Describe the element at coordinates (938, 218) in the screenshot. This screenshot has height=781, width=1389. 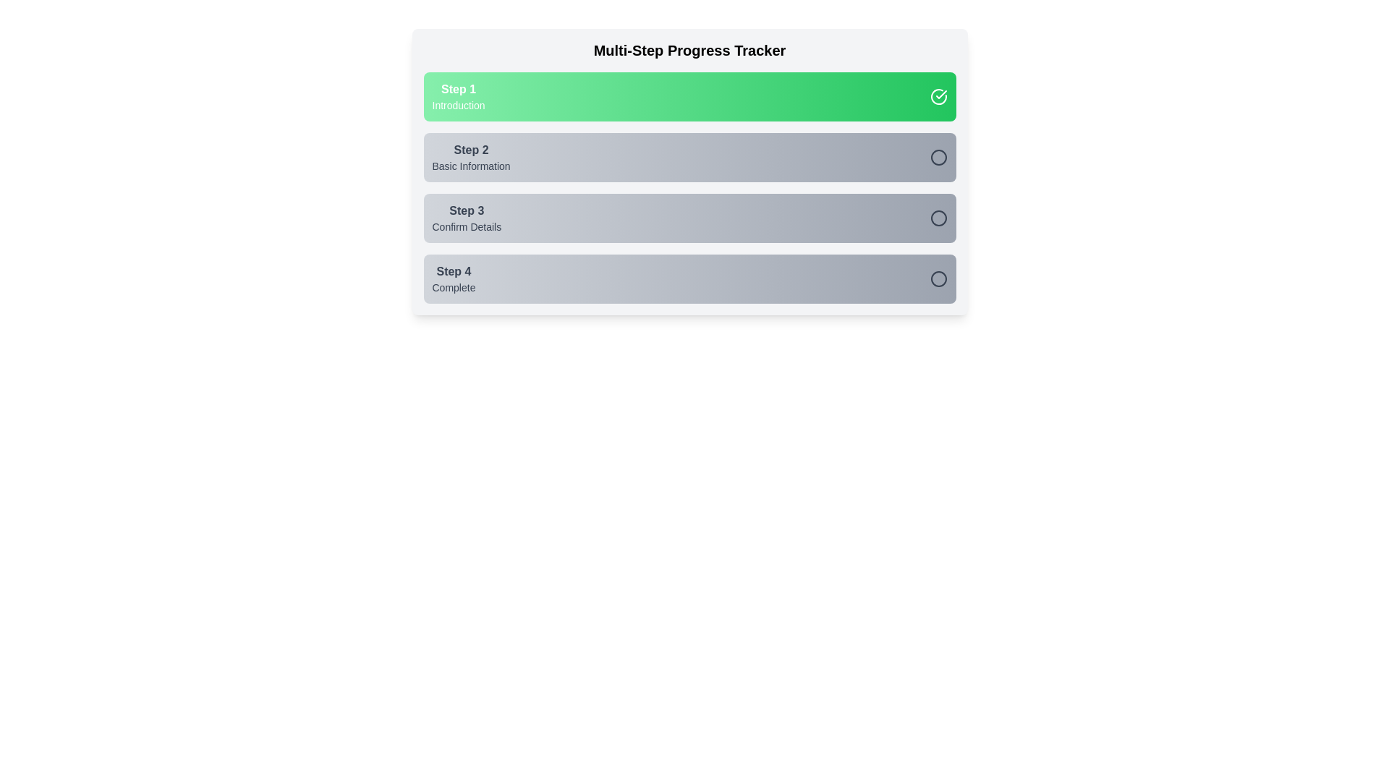
I see `the vector graphic circle that represents Step 3 in the multi-step progress tracker` at that location.